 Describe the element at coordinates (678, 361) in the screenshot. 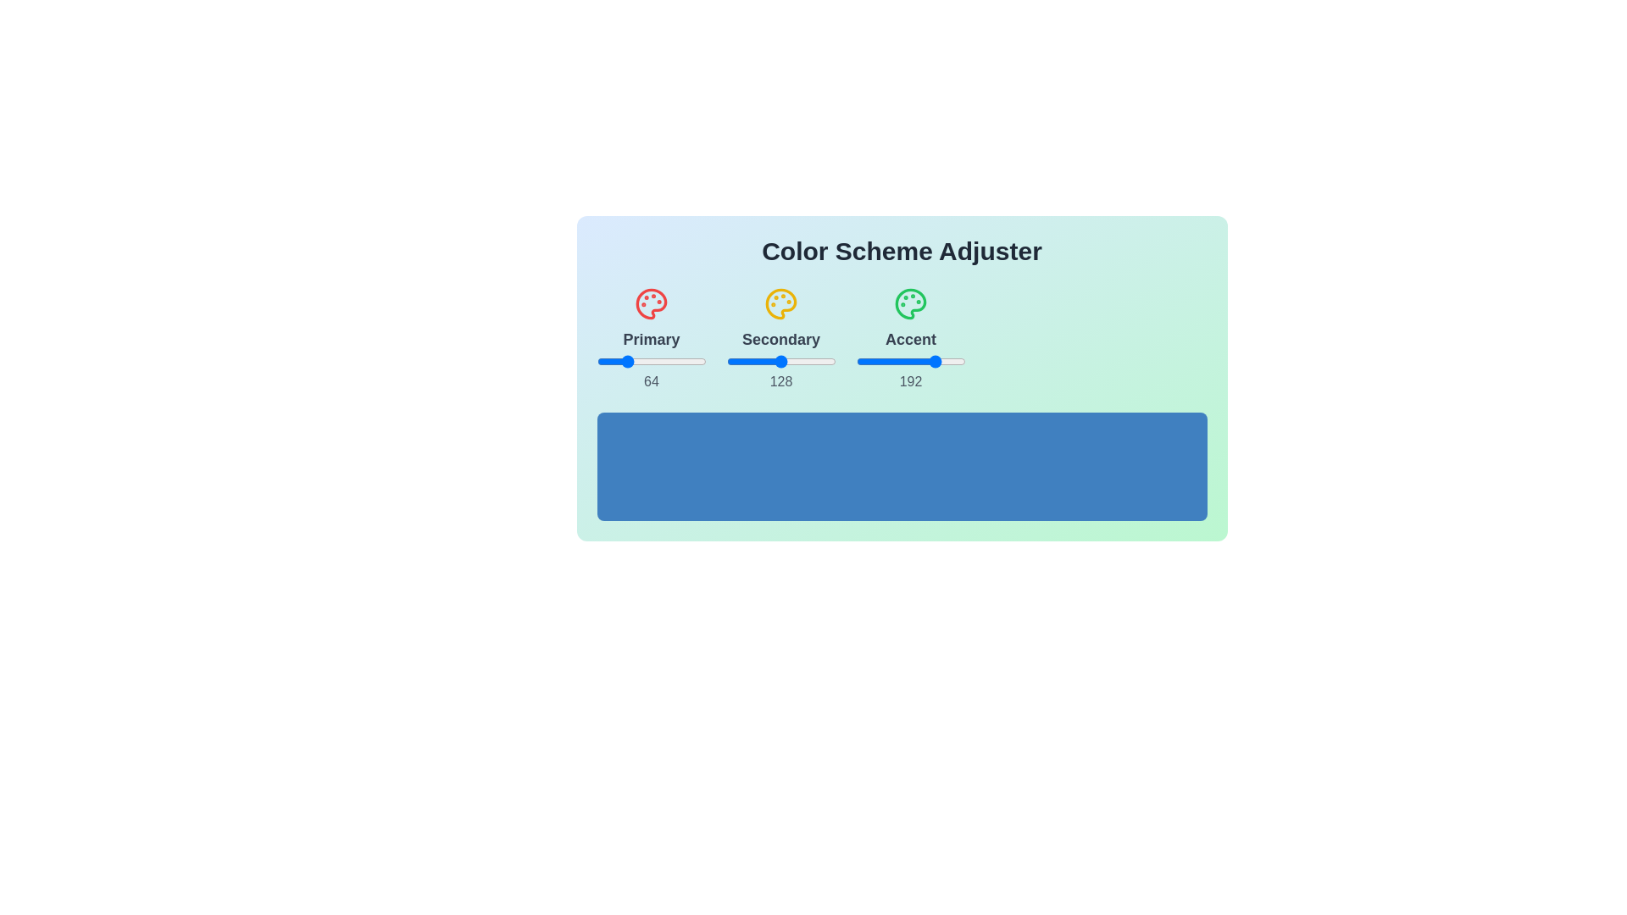

I see `the 0 slider to 62` at that location.